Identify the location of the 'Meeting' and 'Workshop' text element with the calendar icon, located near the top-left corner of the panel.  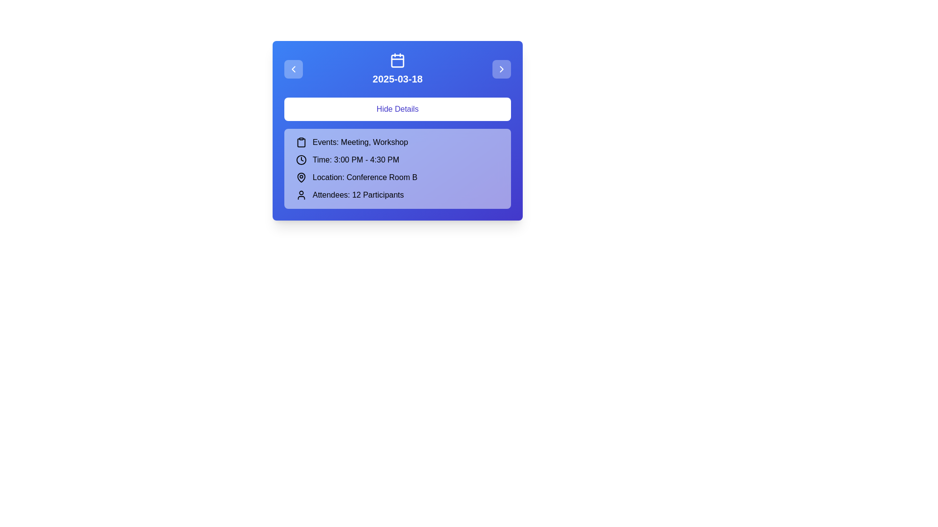
(398, 142).